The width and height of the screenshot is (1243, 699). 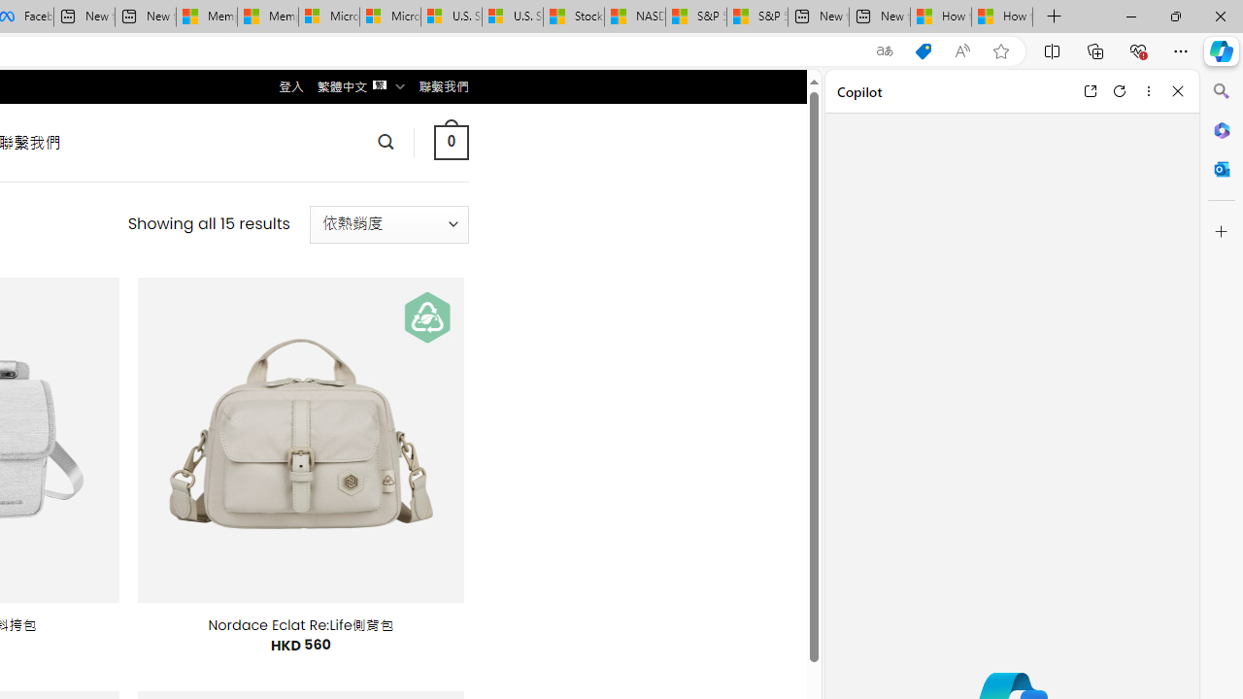 I want to click on 'S&P 500, Nasdaq end lower, weighed by Nvidia dip | Watch', so click(x=756, y=17).